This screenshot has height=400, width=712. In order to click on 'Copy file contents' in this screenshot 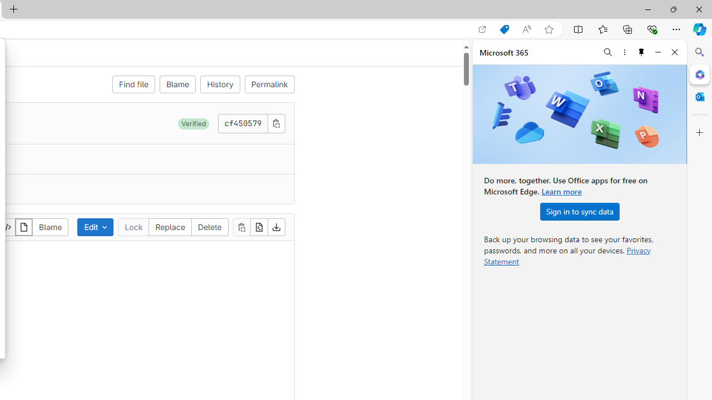, I will do `click(241, 226)`.